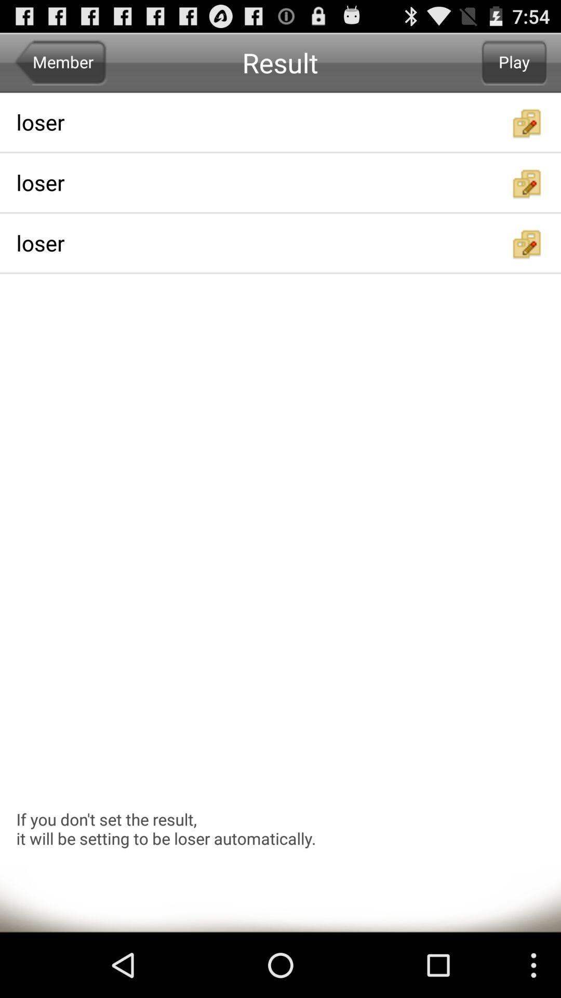 This screenshot has height=998, width=561. What do you see at coordinates (527, 123) in the screenshot?
I see `copy` at bounding box center [527, 123].